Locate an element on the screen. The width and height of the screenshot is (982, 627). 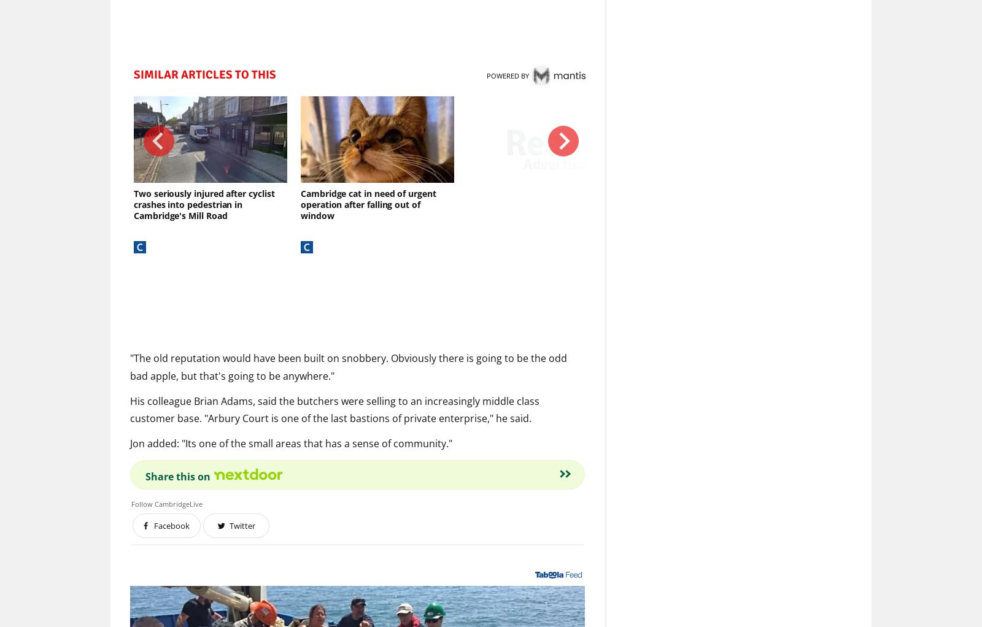
'His colleague Brian Adams, said the butchers were selling to an increasingly middle class customer base. "Arbury Court is one of the last bastions of private enterprise," he said.' is located at coordinates (130, 409).